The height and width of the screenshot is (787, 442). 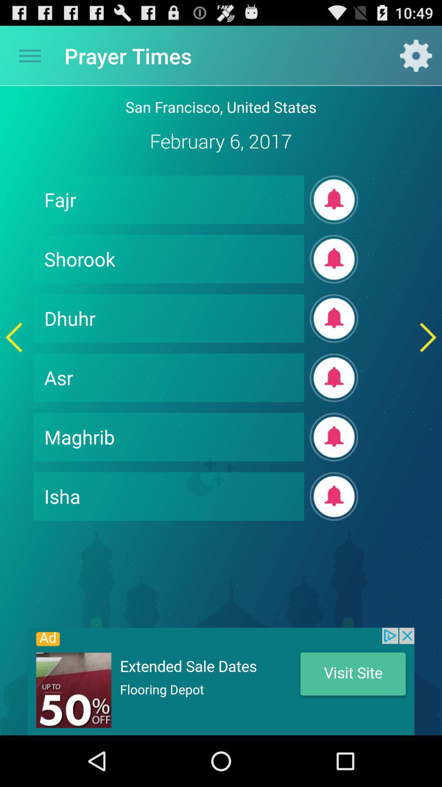 I want to click on motifications, so click(x=334, y=437).